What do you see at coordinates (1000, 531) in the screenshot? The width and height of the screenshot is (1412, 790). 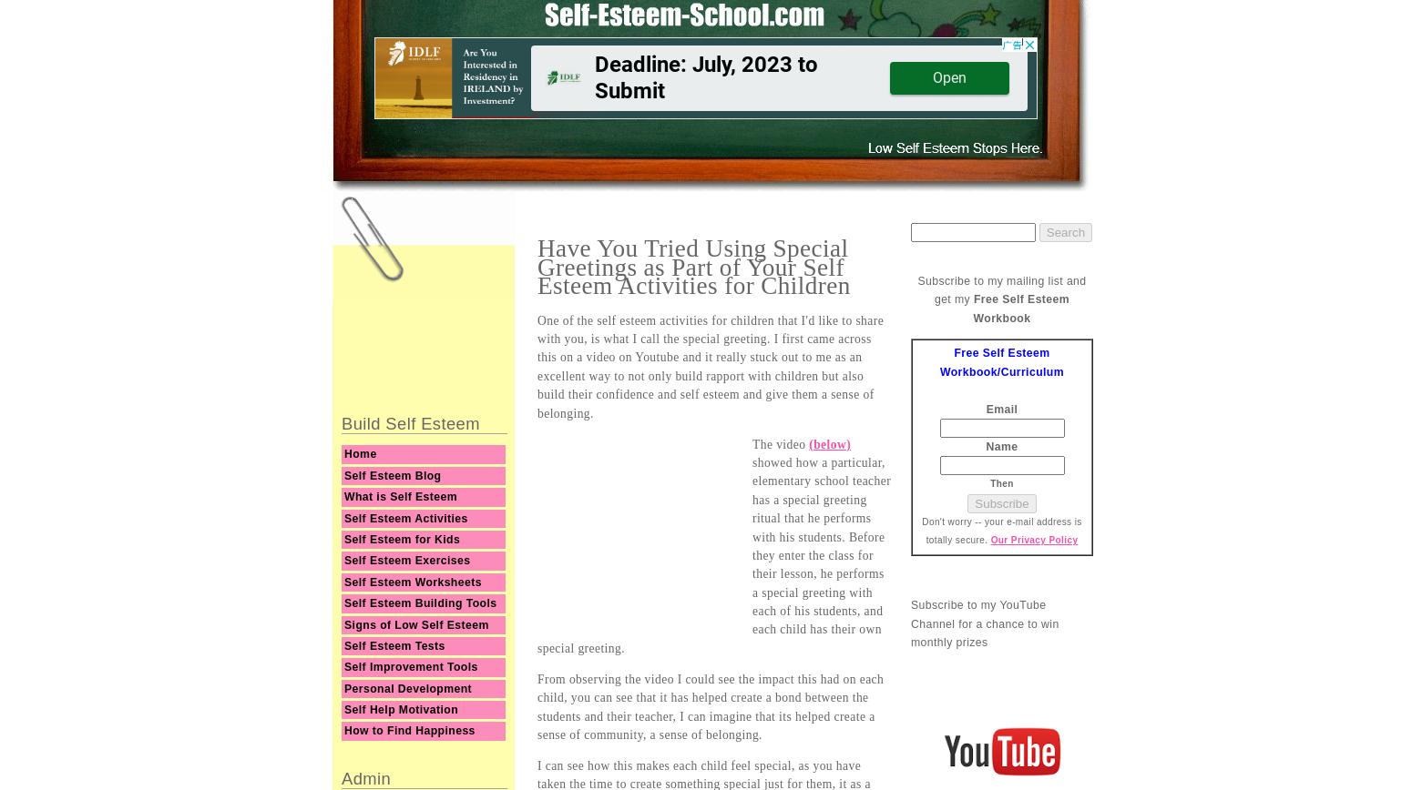 I see `'Don't worry -- your e-mail address is totally secure.'` at bounding box center [1000, 531].